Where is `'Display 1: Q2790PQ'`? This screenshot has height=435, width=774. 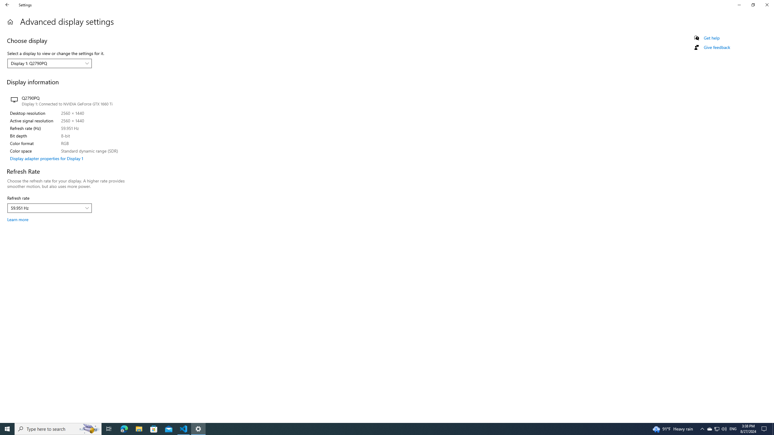
'Display 1: Q2790PQ' is located at coordinates (46, 63).